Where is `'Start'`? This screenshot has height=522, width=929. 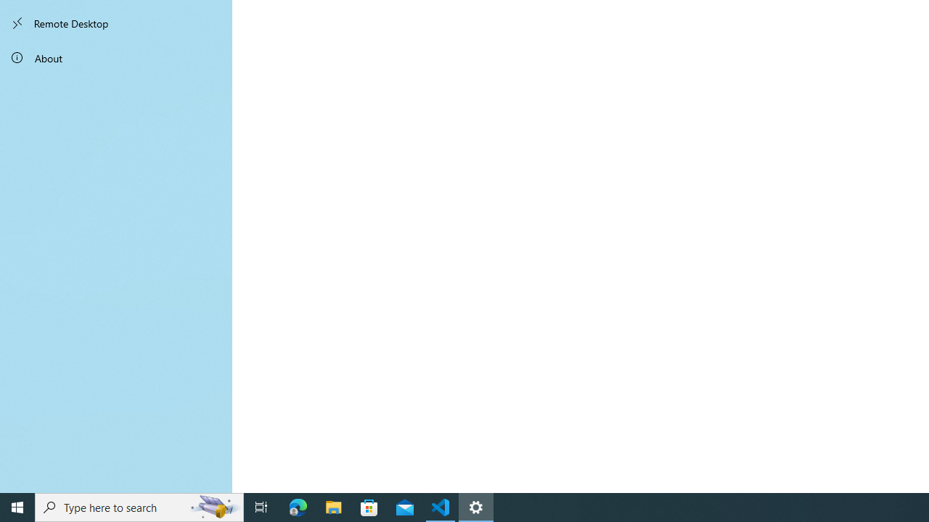 'Start' is located at coordinates (17, 506).